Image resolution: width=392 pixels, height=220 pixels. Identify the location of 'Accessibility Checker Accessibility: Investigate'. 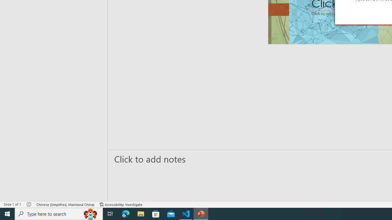
(121, 204).